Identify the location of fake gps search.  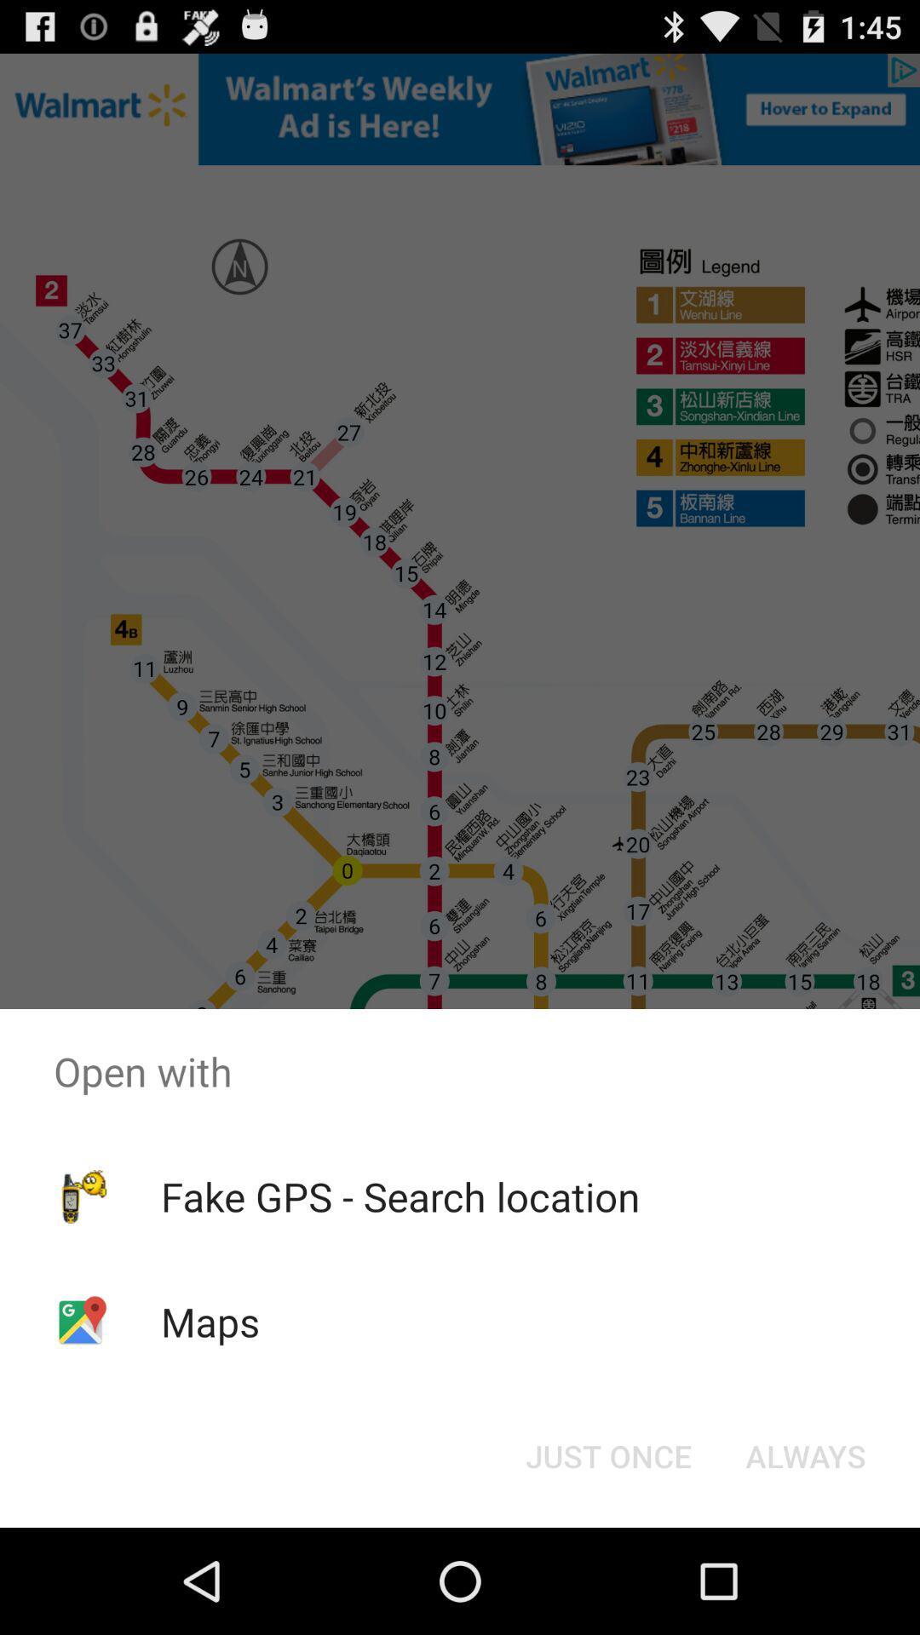
(400, 1196).